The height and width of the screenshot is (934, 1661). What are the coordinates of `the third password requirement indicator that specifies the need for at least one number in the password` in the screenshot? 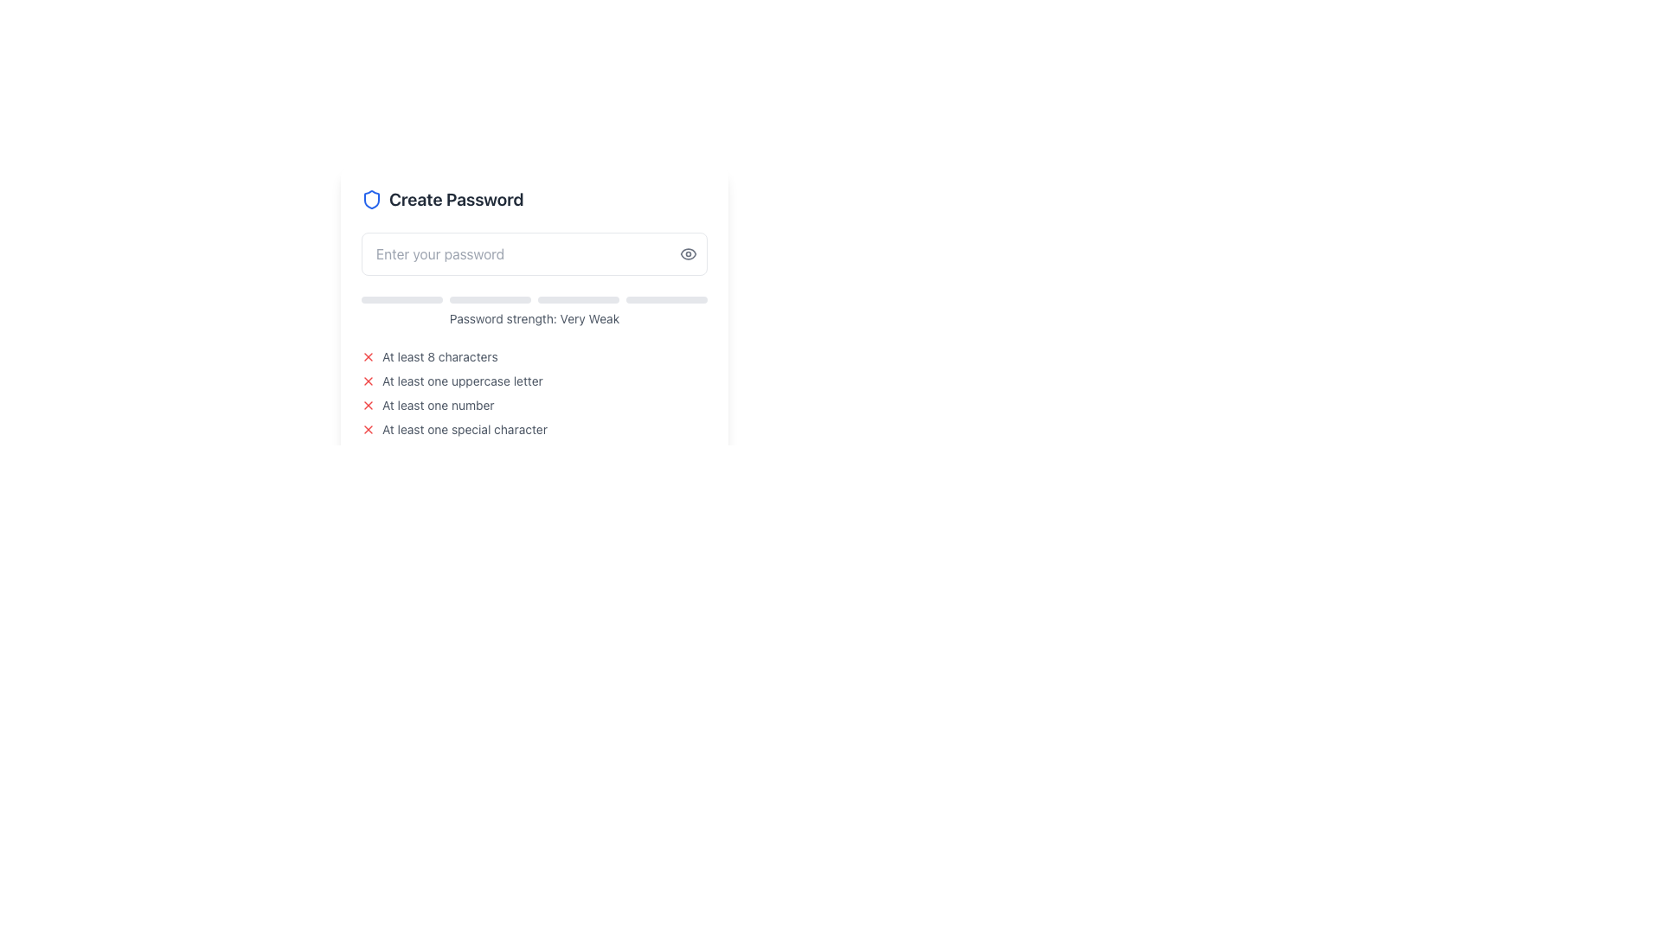 It's located at (534, 406).